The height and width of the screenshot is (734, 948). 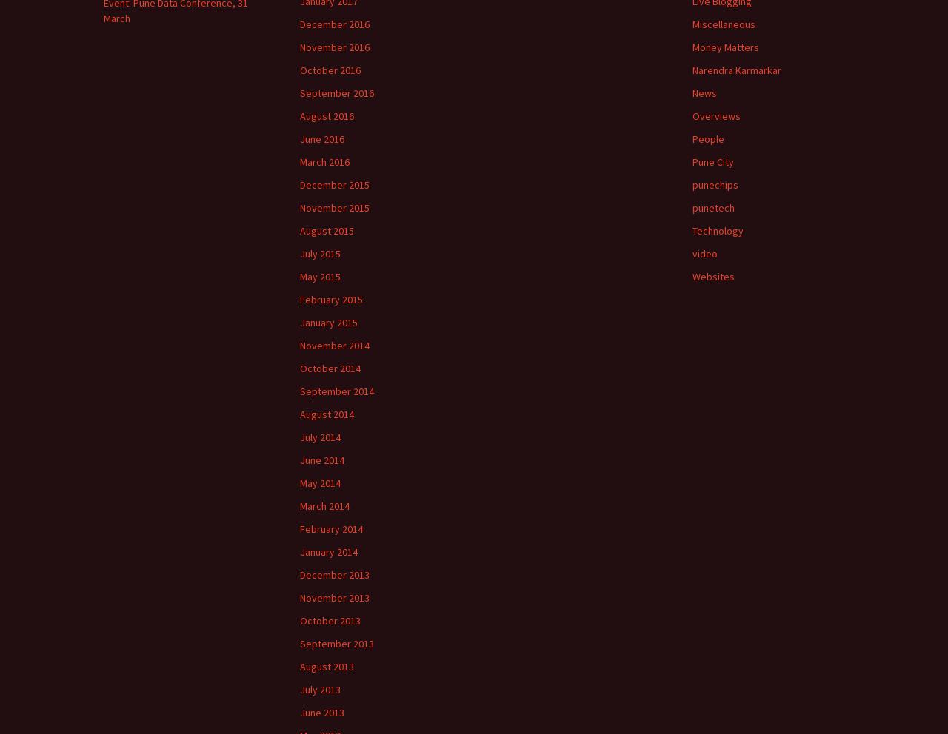 I want to click on 'People', so click(x=707, y=138).